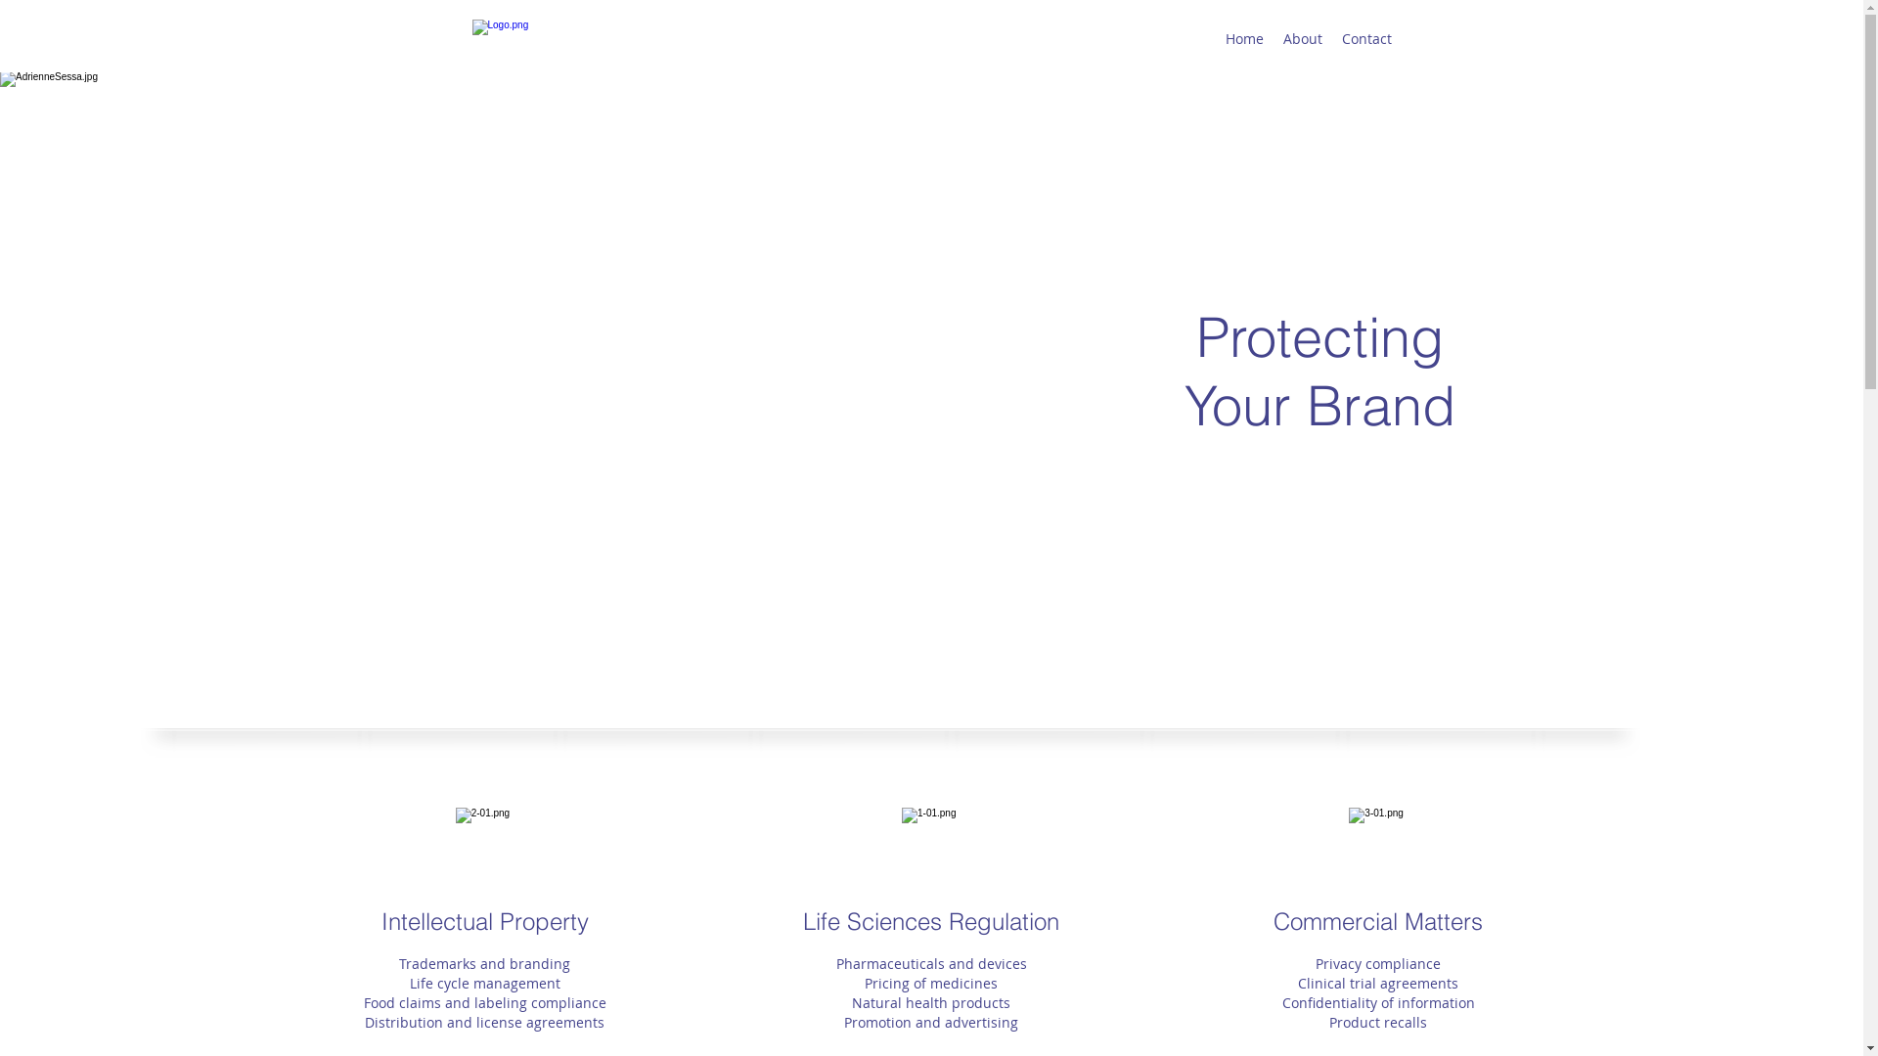  I want to click on 'About', so click(1302, 38).